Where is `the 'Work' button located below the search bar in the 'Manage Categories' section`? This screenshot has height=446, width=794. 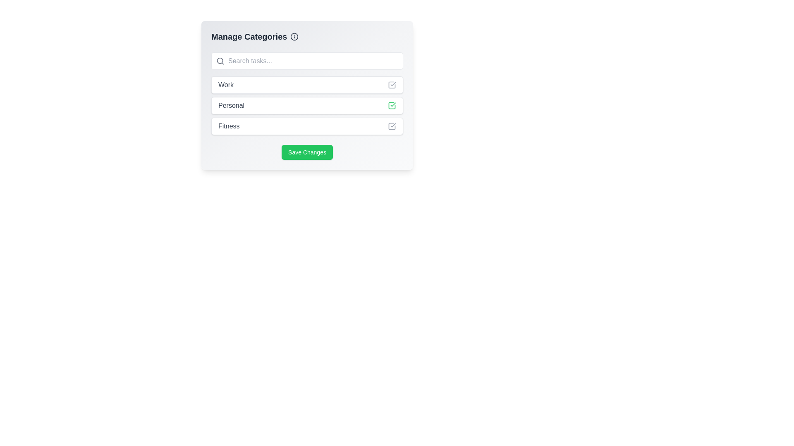
the 'Work' button located below the search bar in the 'Manage Categories' section is located at coordinates (307, 85).